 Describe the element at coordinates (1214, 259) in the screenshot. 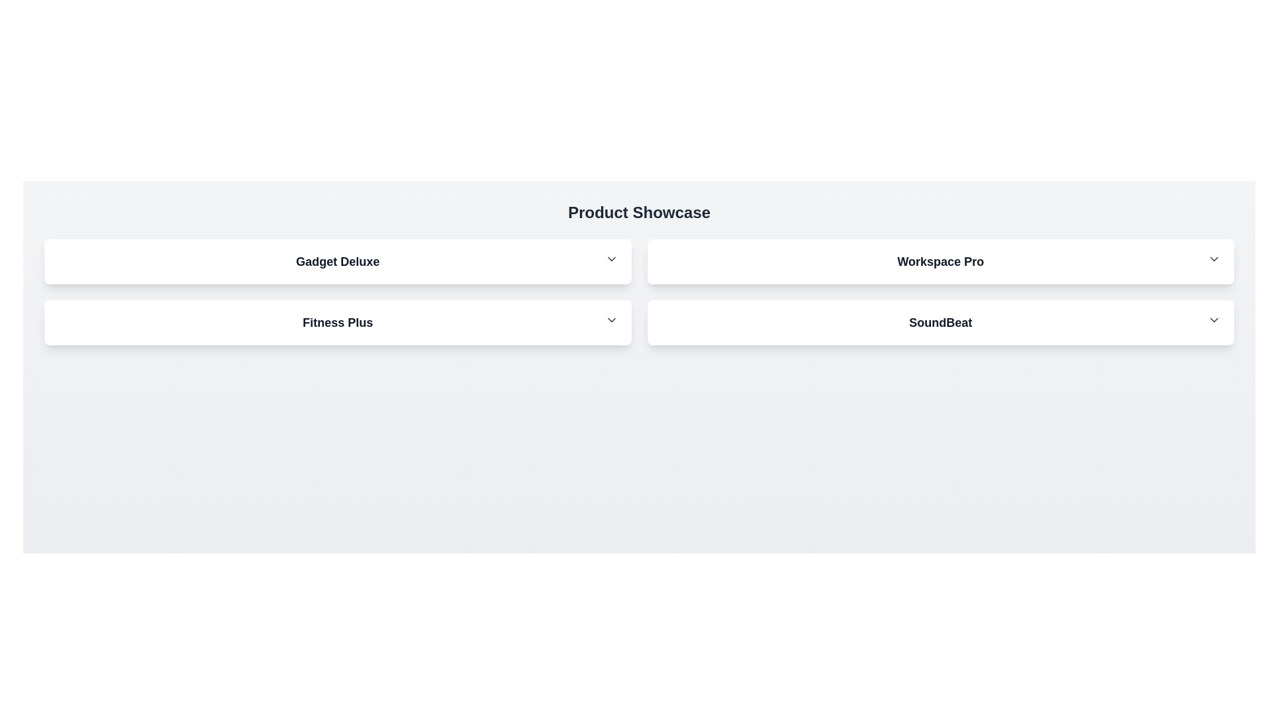

I see `the downward-pointing chevron icon located in the top-right corner of the 'Workspace Pro' card` at that location.